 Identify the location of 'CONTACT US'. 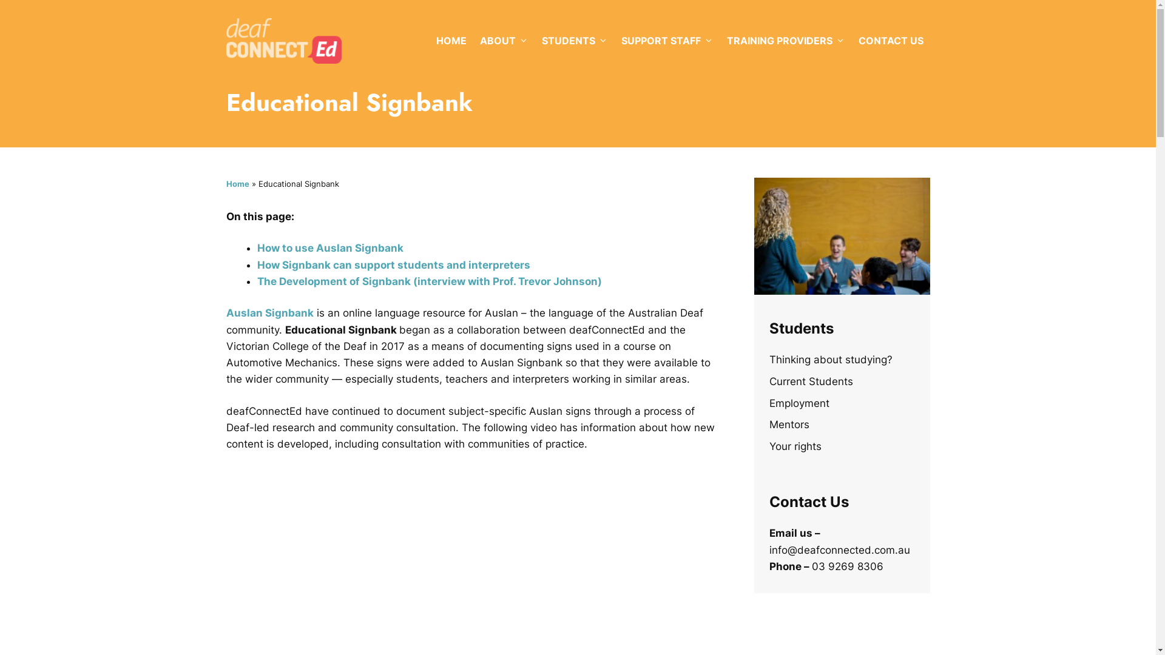
(891, 39).